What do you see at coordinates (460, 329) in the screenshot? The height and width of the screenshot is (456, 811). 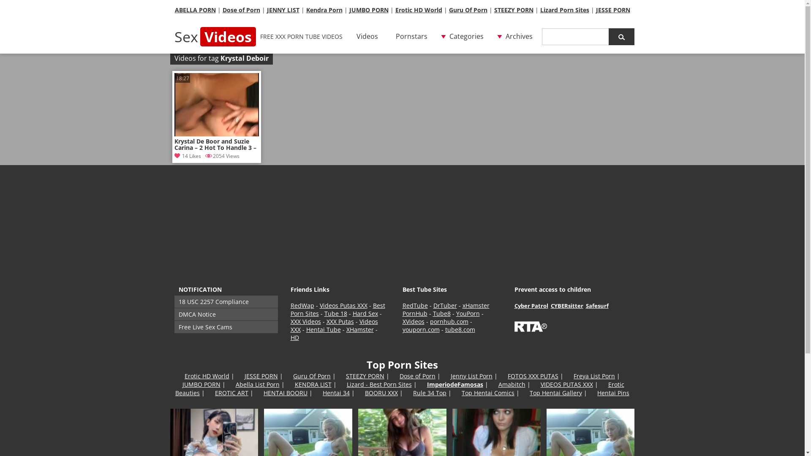 I see `'tube8.com'` at bounding box center [460, 329].